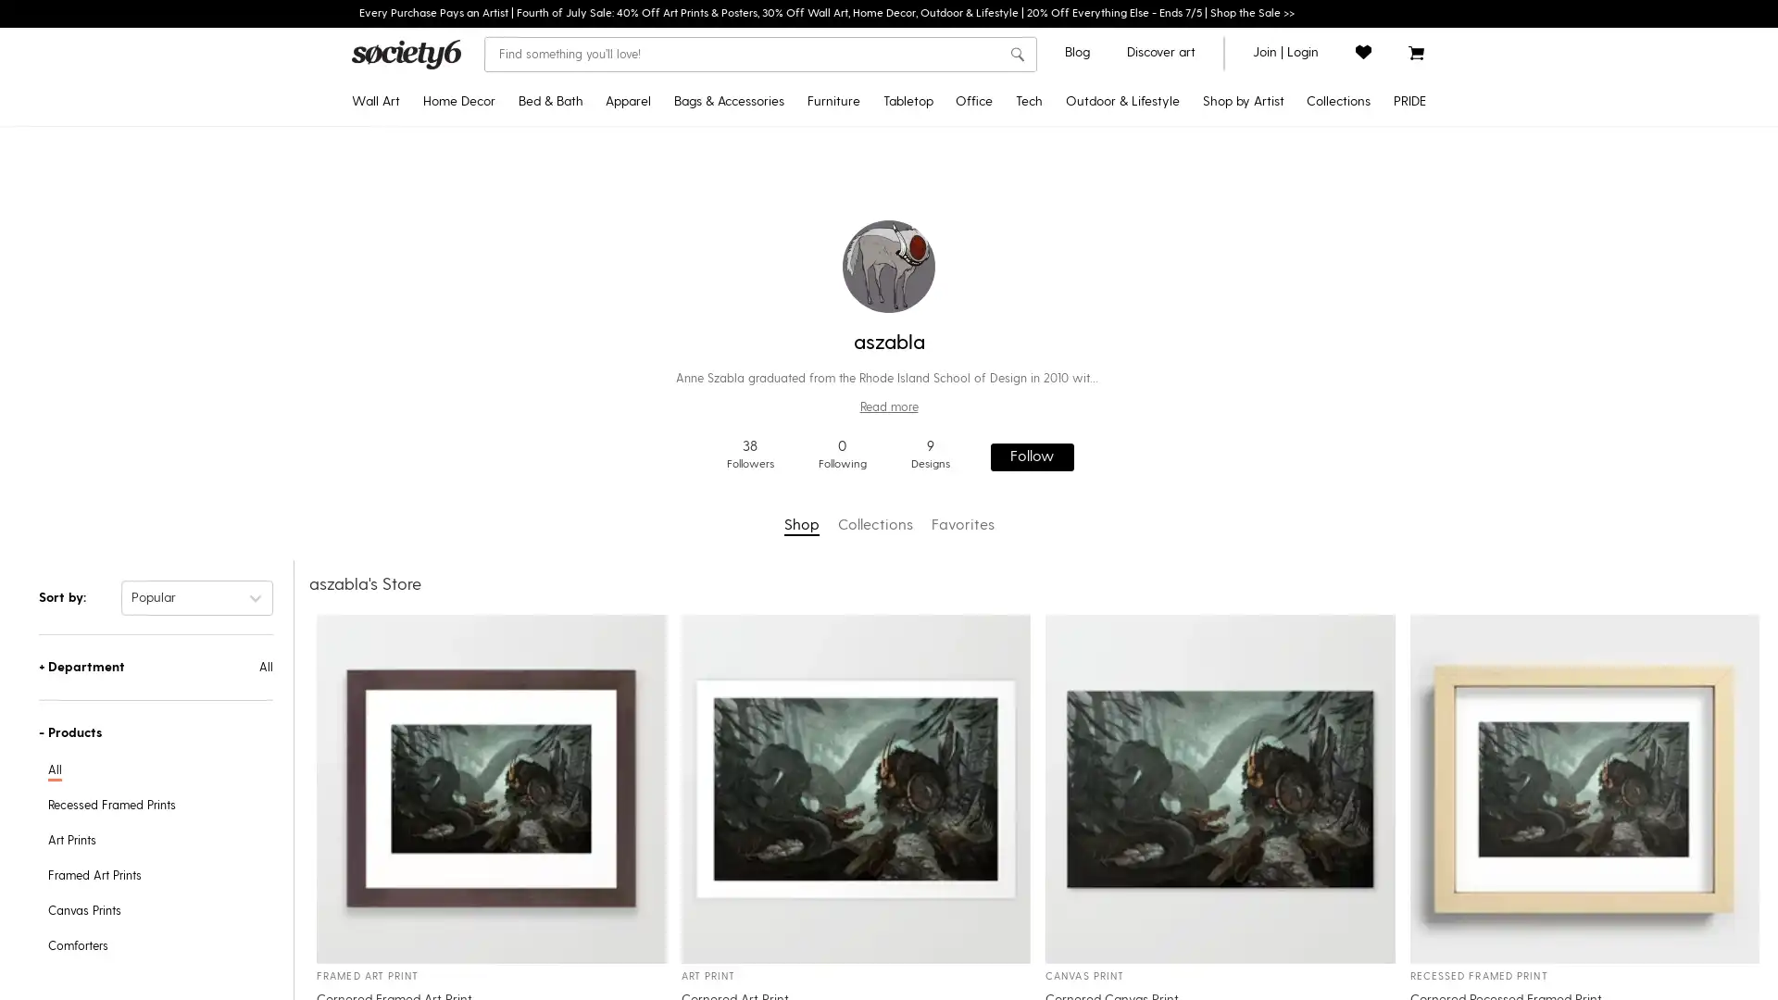 This screenshot has height=1000, width=1778. Describe the element at coordinates (1020, 298) in the screenshot. I see `Acrylic Boxes` at that location.